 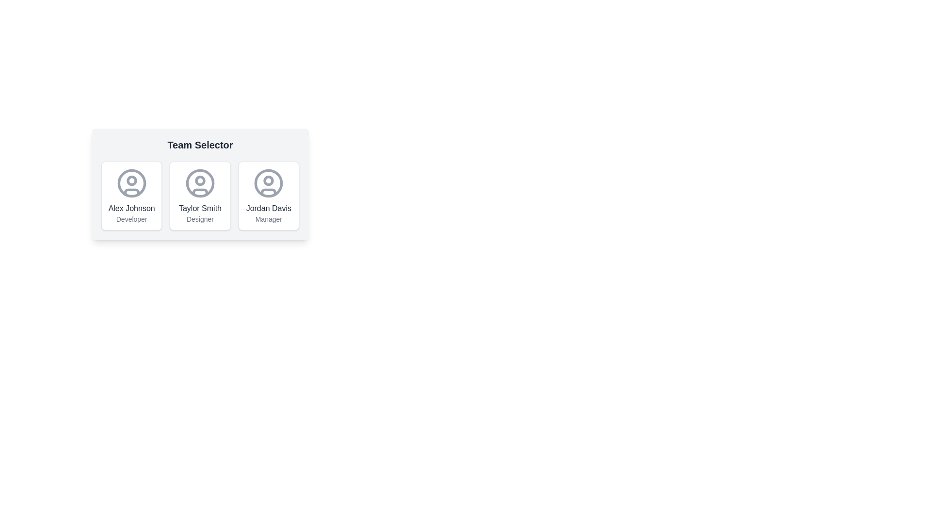 What do you see at coordinates (199, 208) in the screenshot?
I see `text label displaying 'Taylor Smith' located below the user icon and above 'Designer' in the Team Selector section` at bounding box center [199, 208].